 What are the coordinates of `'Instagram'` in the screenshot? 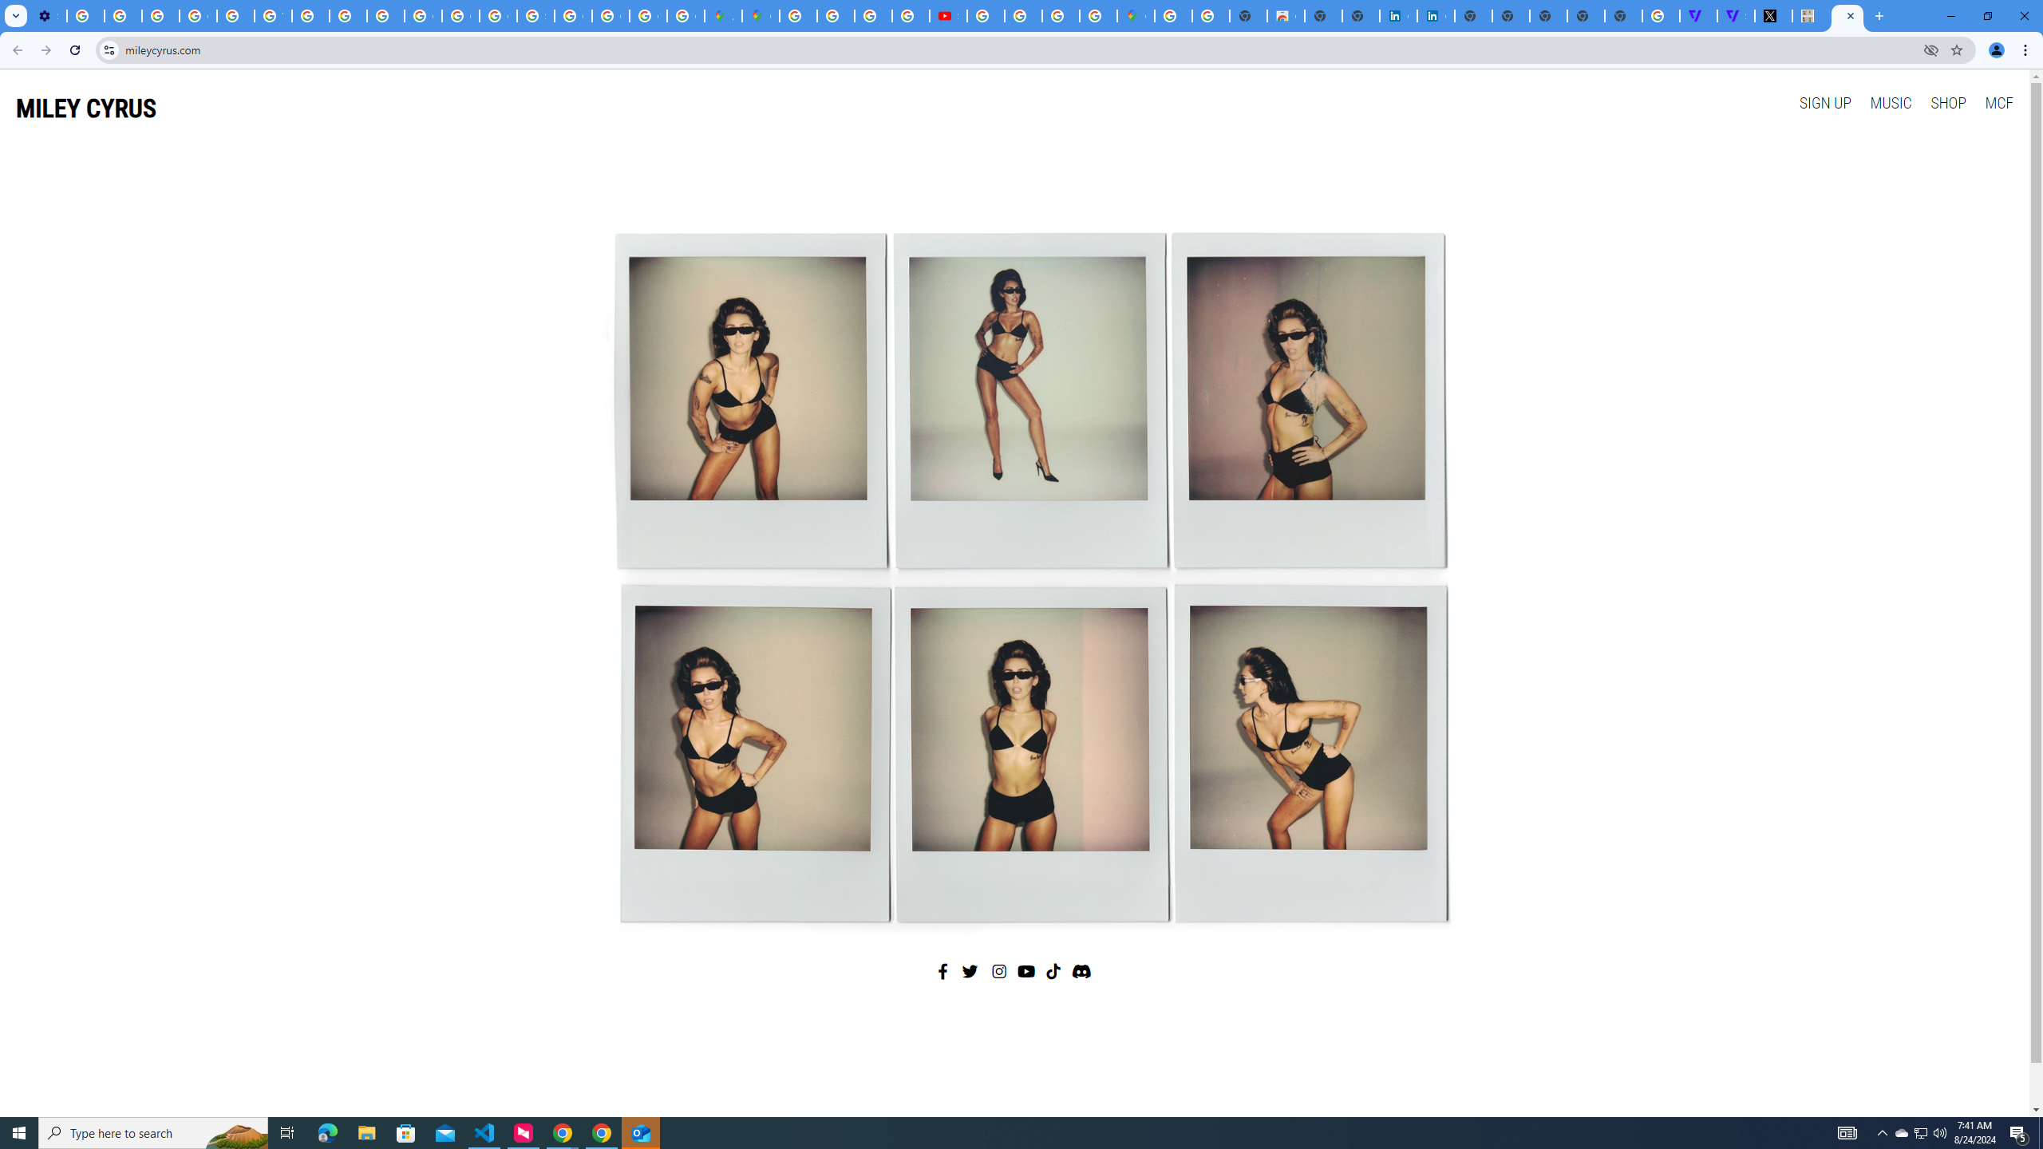 It's located at (999, 971).